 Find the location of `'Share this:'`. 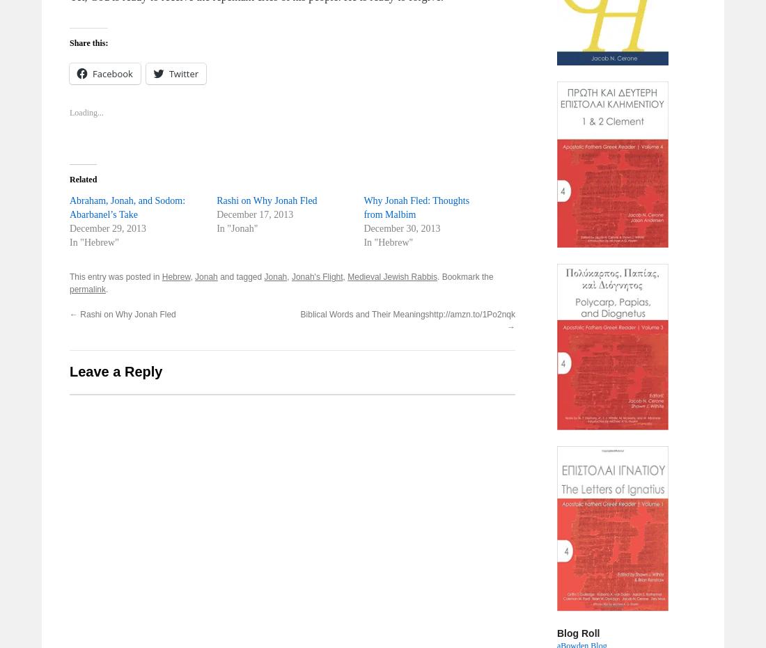

'Share this:' is located at coordinates (88, 42).